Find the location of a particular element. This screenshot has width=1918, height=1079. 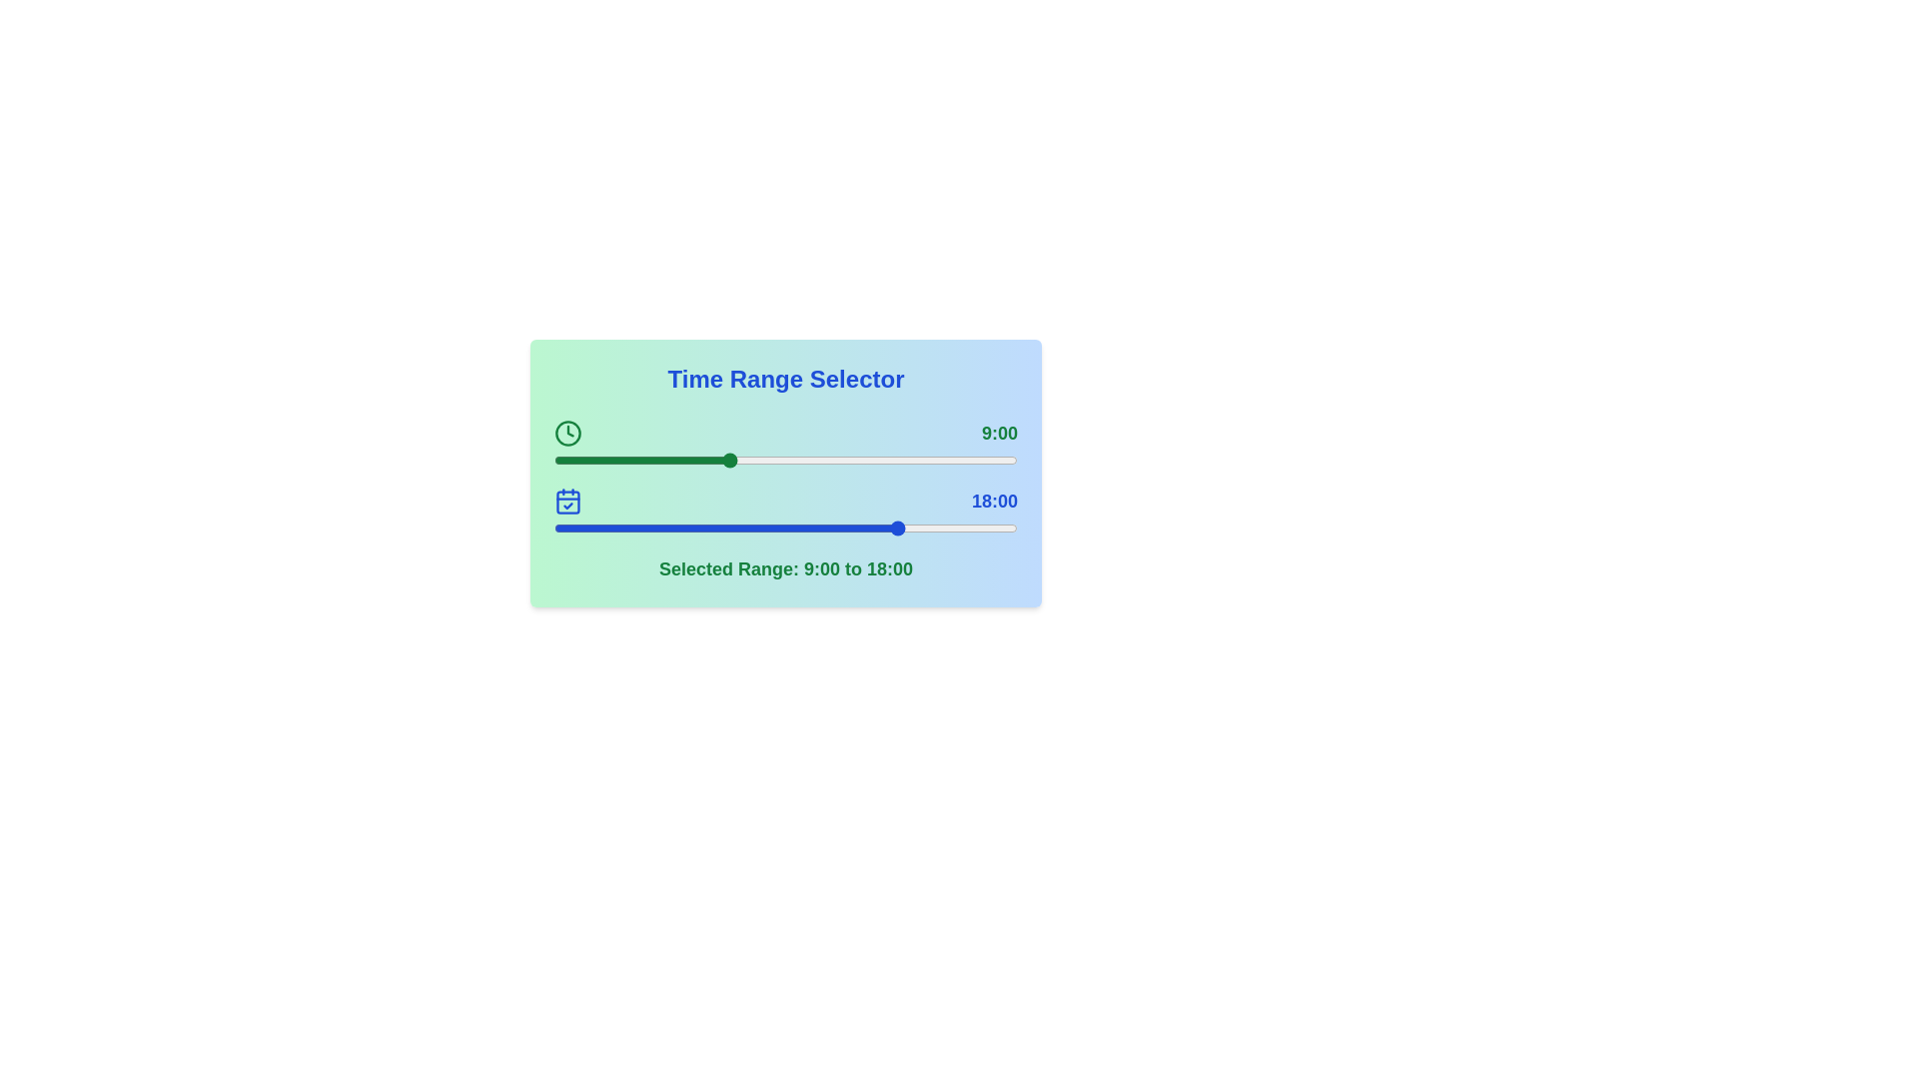

the time is located at coordinates (979, 527).